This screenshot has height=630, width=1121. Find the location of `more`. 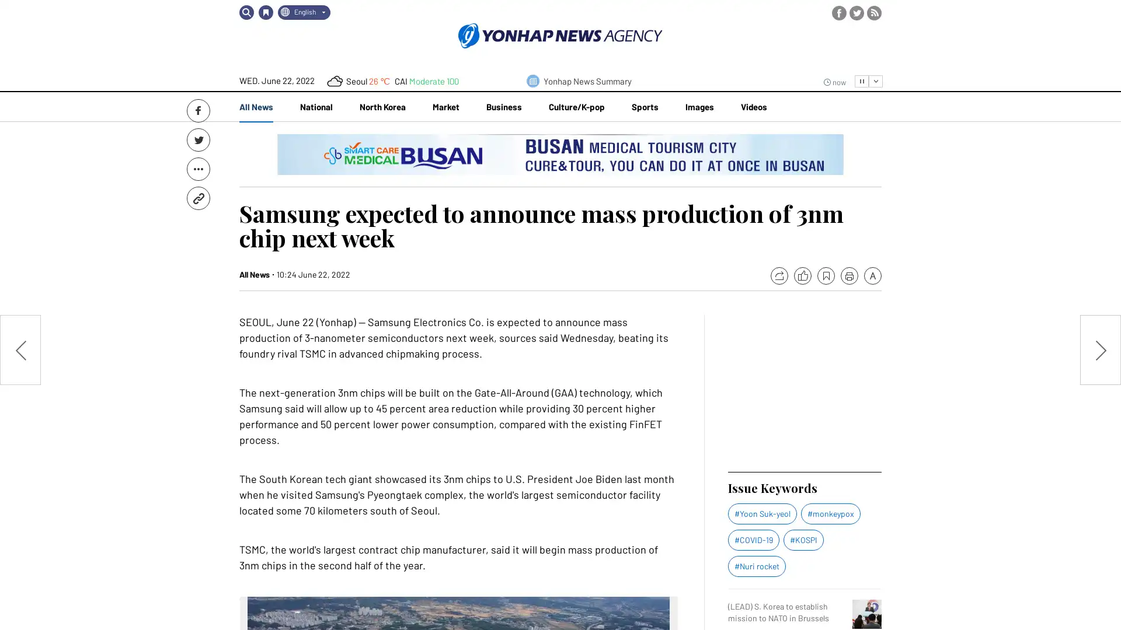

more is located at coordinates (875, 80).